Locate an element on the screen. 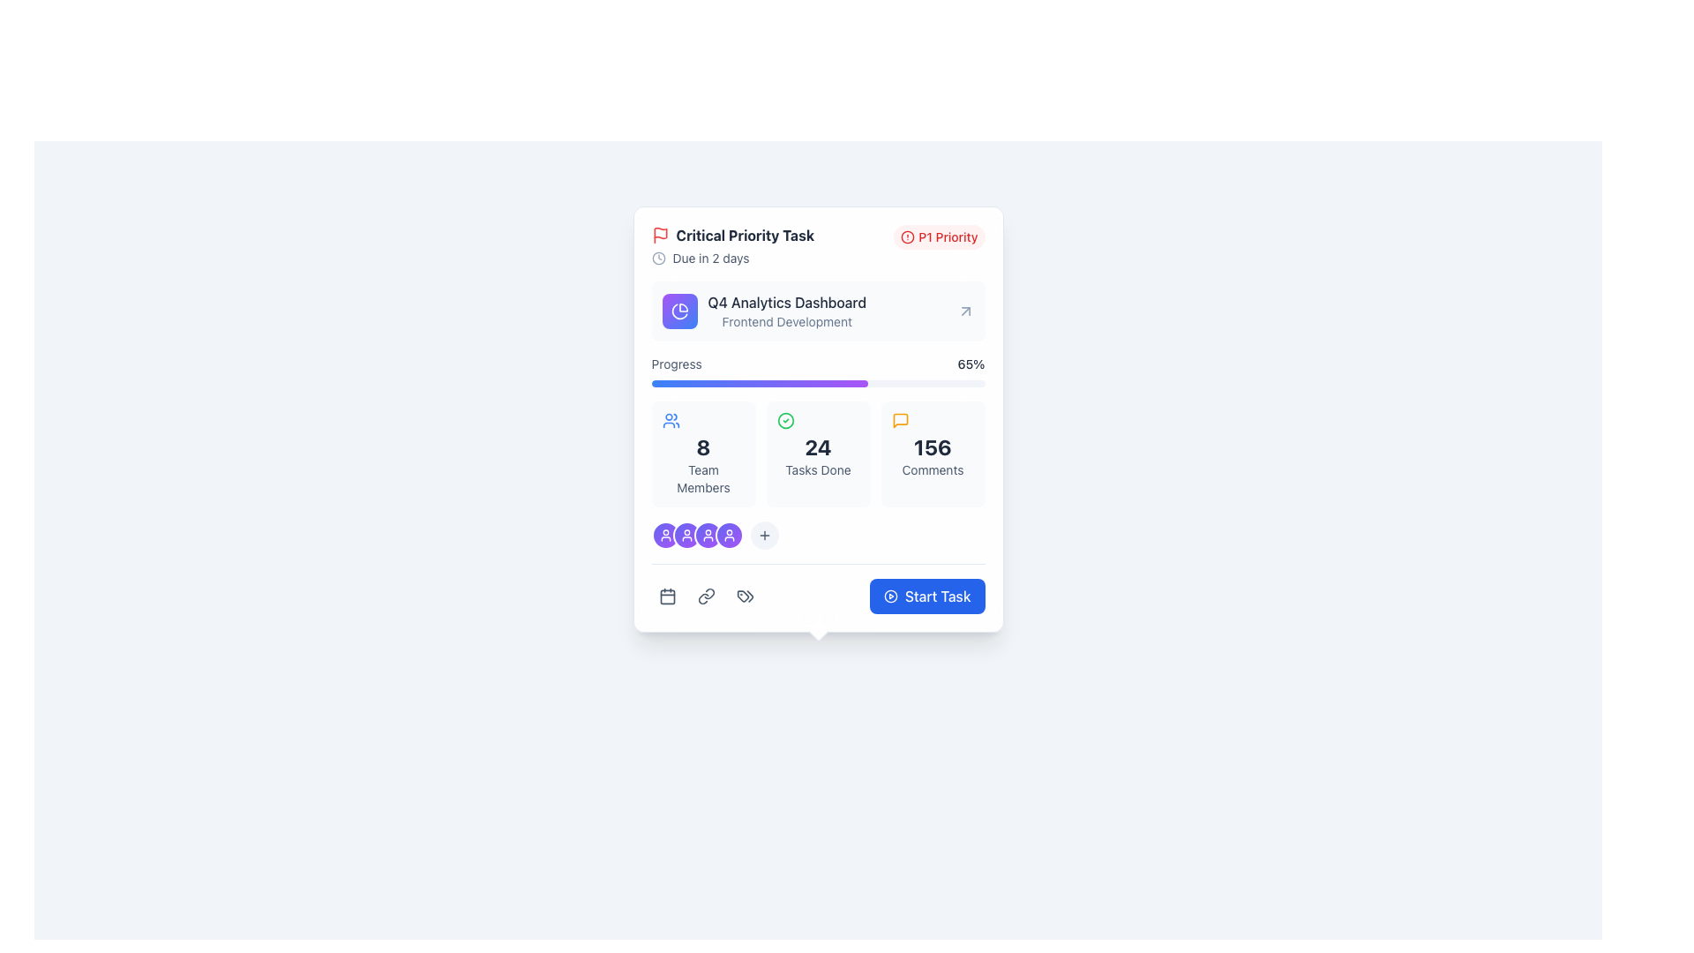  the circular button with a '+' icon, which is the last item in a horizontal list of user profile avatars is located at coordinates (764, 534).